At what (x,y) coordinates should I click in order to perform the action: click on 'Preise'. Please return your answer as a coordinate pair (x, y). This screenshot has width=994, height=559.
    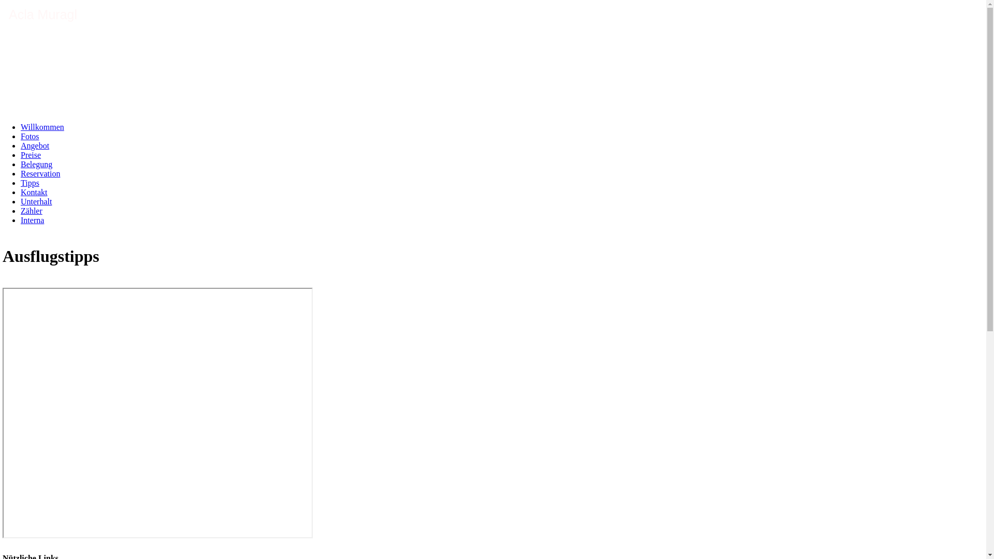
    Looking at the image, I should click on (31, 155).